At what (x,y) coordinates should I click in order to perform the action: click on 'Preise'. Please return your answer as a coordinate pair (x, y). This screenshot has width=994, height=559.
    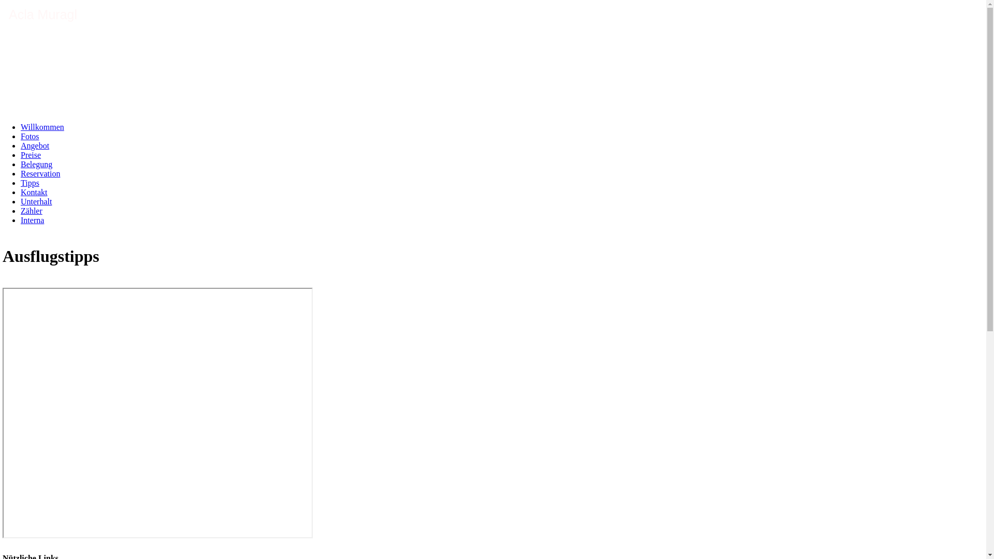
    Looking at the image, I should click on (31, 155).